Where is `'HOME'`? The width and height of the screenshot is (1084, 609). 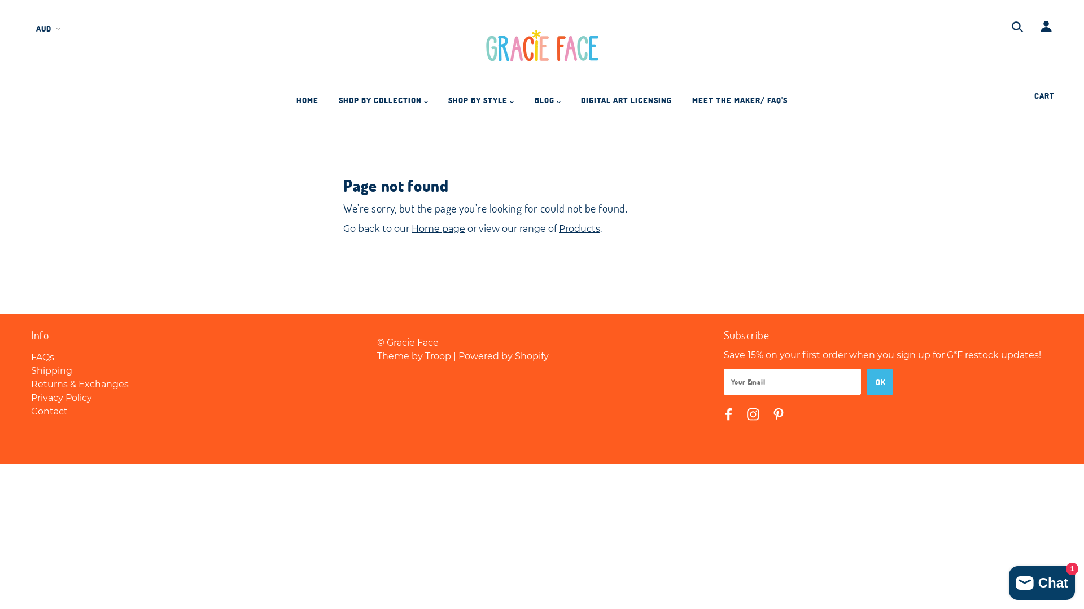 'HOME' is located at coordinates (307, 104).